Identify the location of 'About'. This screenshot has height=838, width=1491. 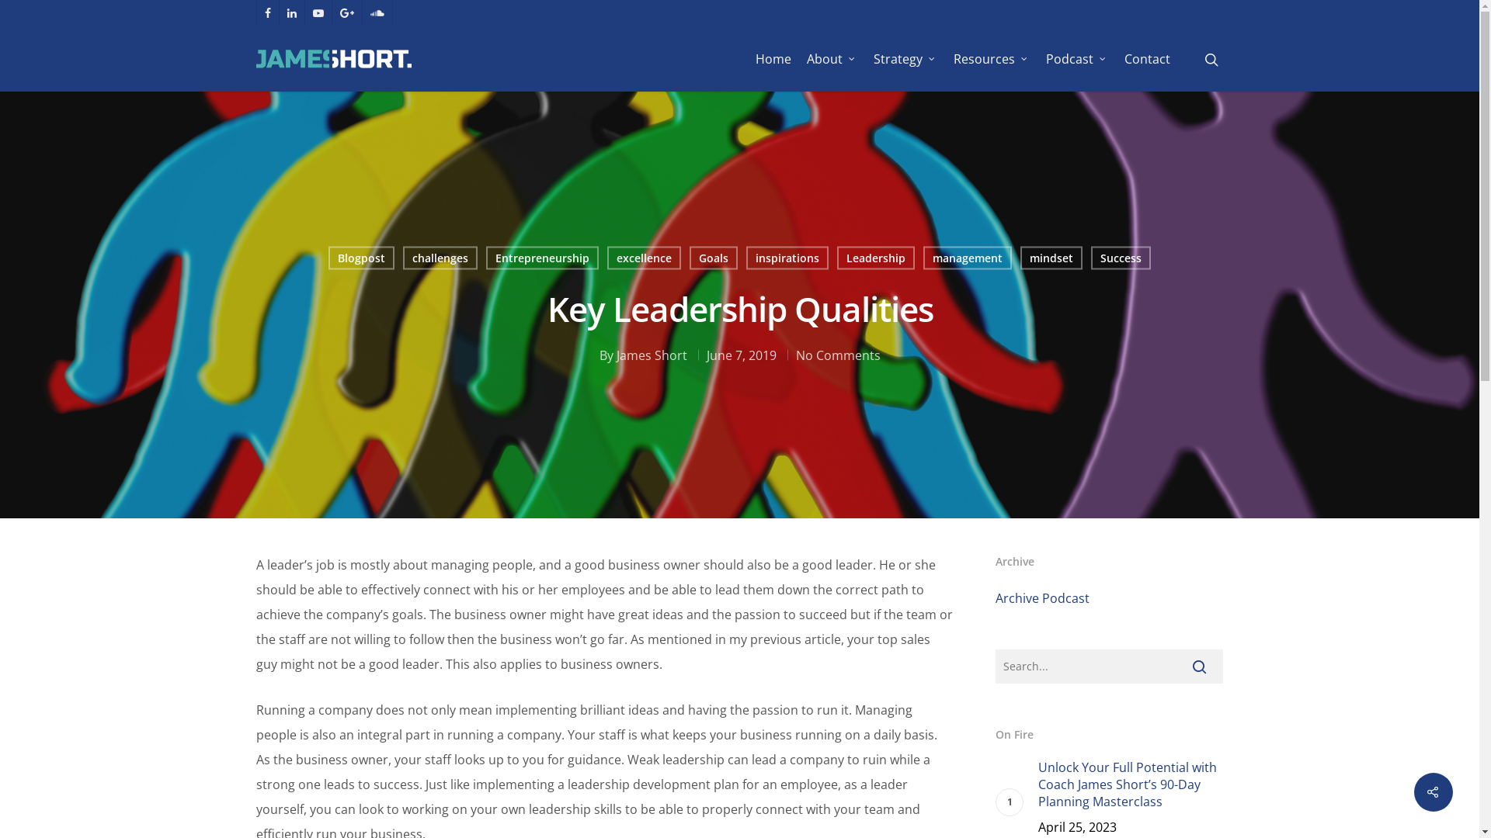
(831, 58).